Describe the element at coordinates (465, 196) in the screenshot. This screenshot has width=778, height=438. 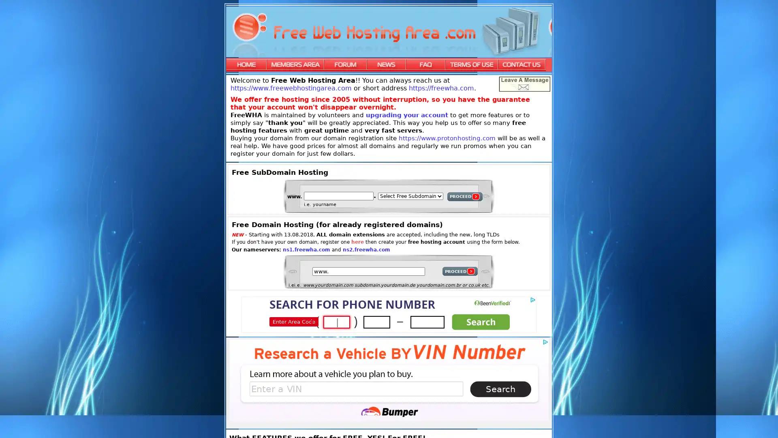
I see `PROCEED` at that location.